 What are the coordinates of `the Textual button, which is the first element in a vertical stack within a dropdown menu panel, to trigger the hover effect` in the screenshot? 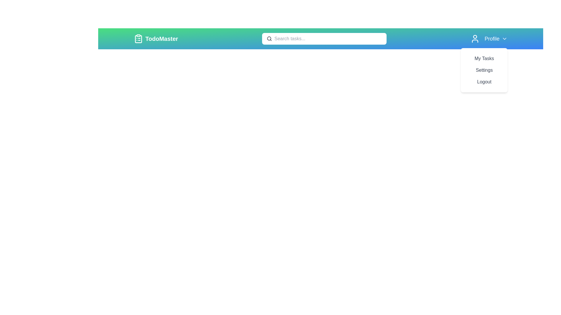 It's located at (484, 58).